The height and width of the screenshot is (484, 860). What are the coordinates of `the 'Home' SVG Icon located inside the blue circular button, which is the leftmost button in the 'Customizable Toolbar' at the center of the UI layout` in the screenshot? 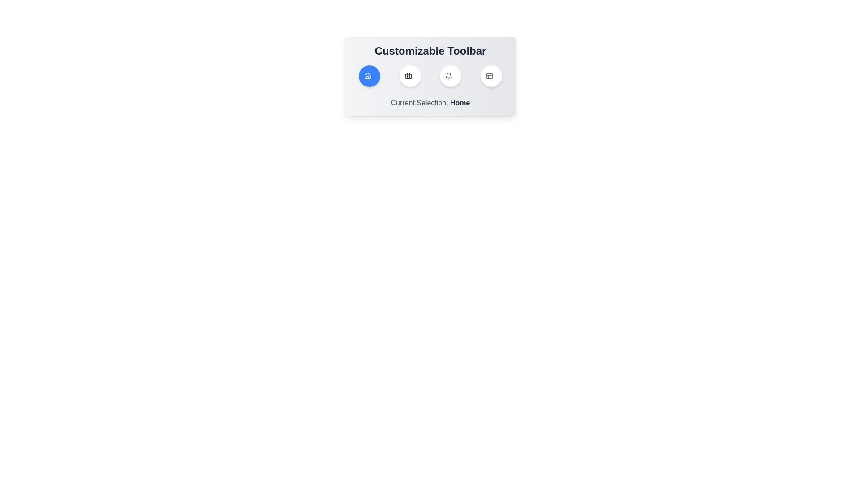 It's located at (367, 75).